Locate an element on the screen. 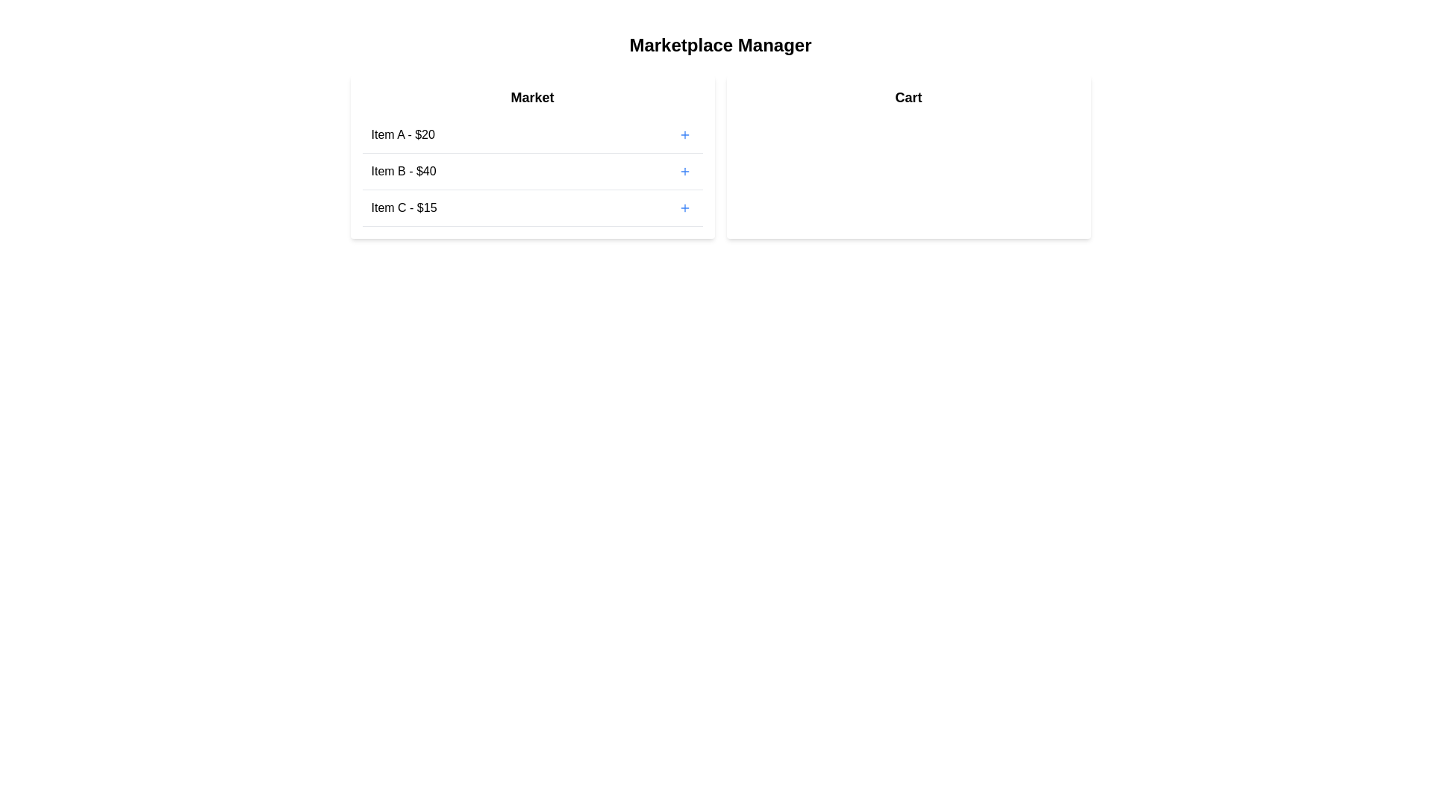 This screenshot has width=1433, height=806. the 'Market' header to inspect it is located at coordinates (532, 98).